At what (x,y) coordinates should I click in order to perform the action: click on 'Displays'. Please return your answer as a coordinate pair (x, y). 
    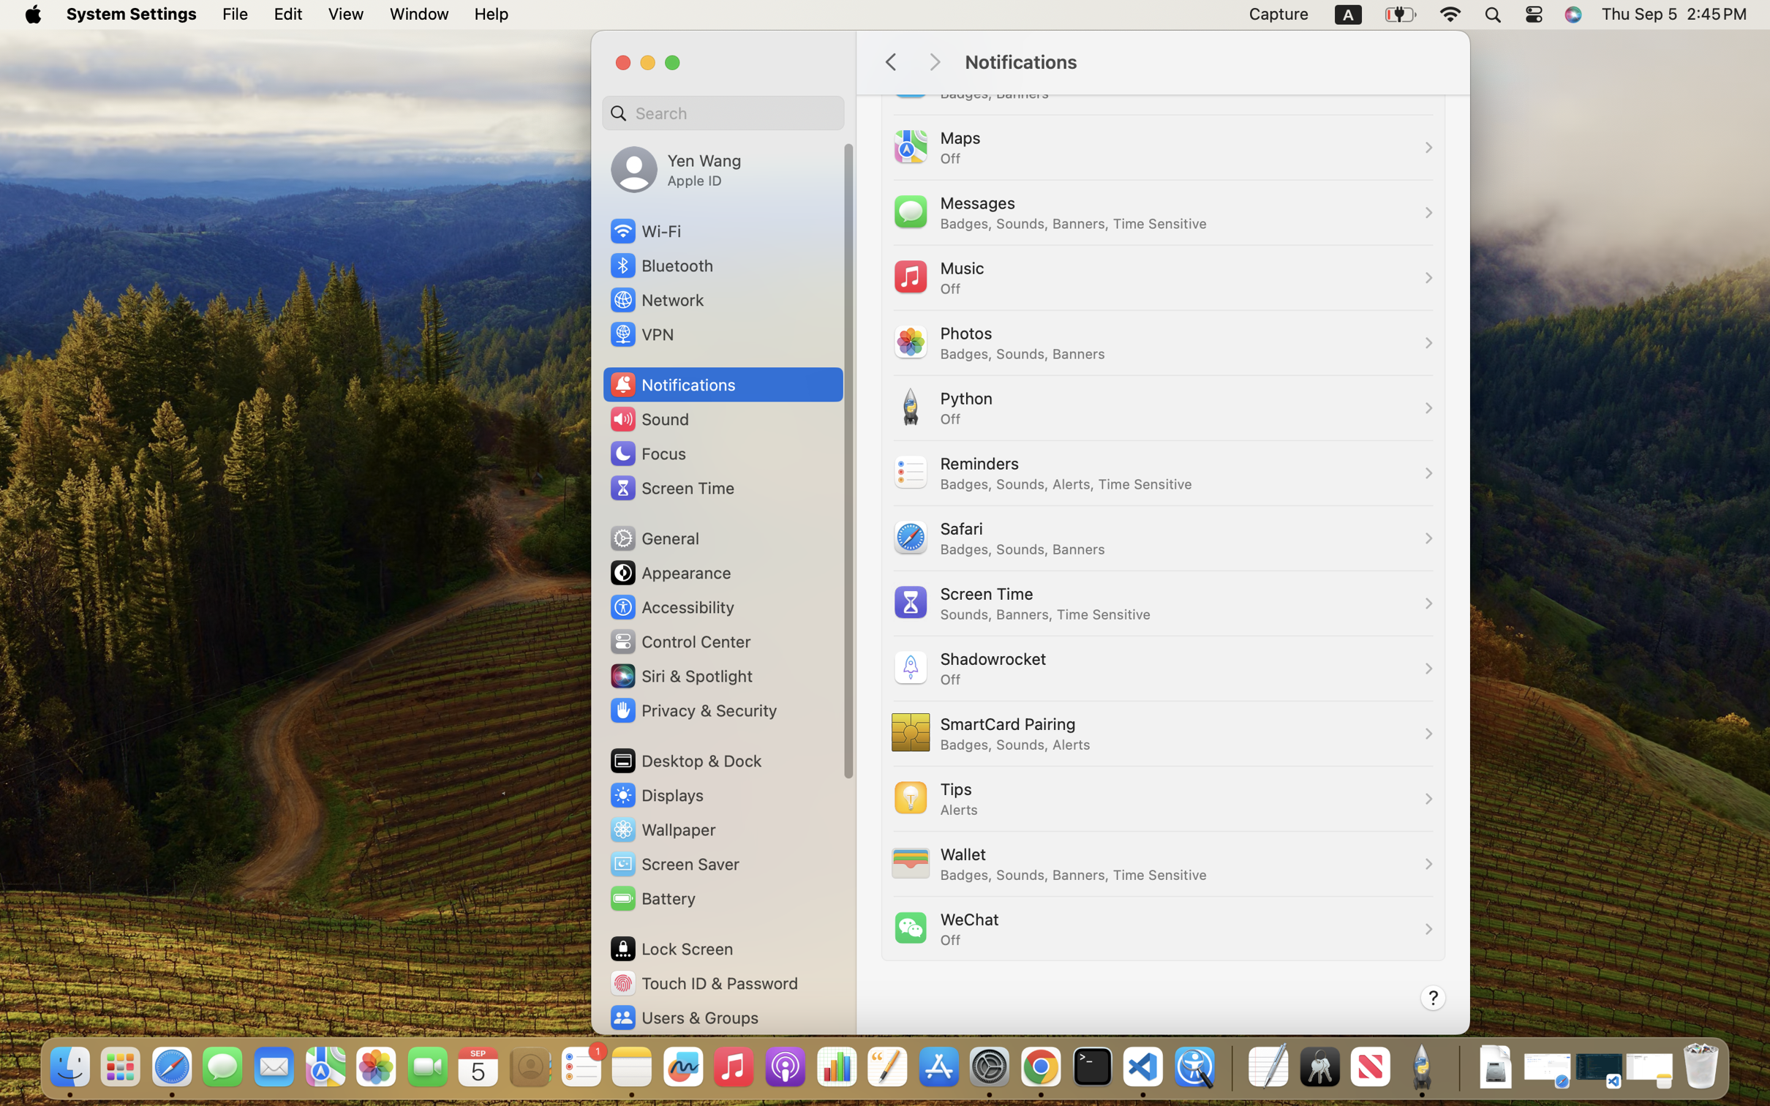
    Looking at the image, I should click on (656, 795).